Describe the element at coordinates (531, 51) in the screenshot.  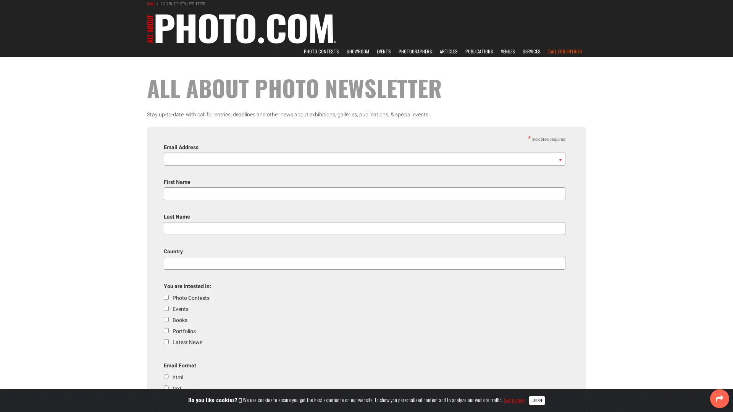
I see `SERVICES` at that location.